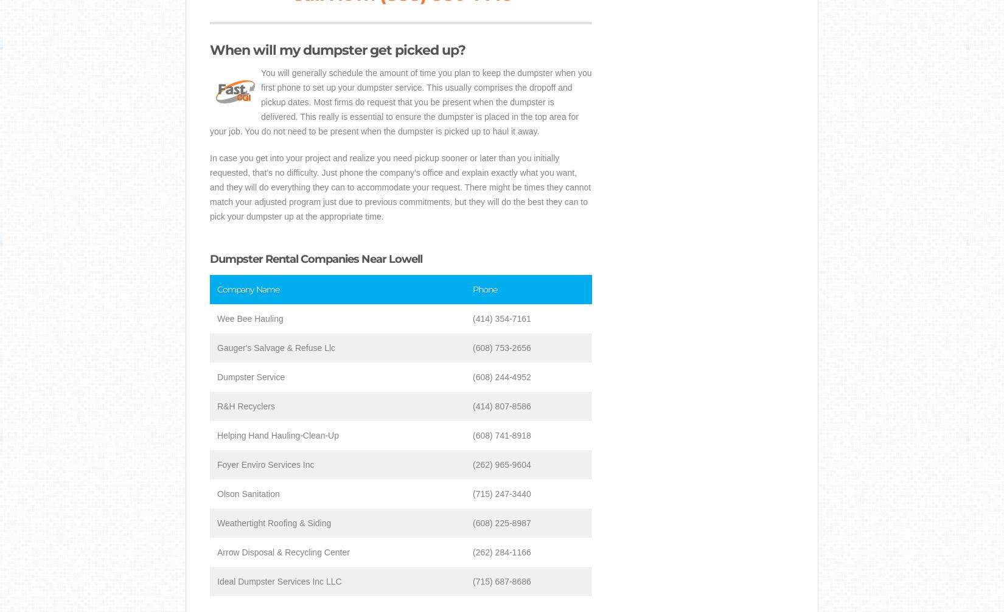 The image size is (1004, 612). What do you see at coordinates (501, 493) in the screenshot?
I see `'(715) 247-3440'` at bounding box center [501, 493].